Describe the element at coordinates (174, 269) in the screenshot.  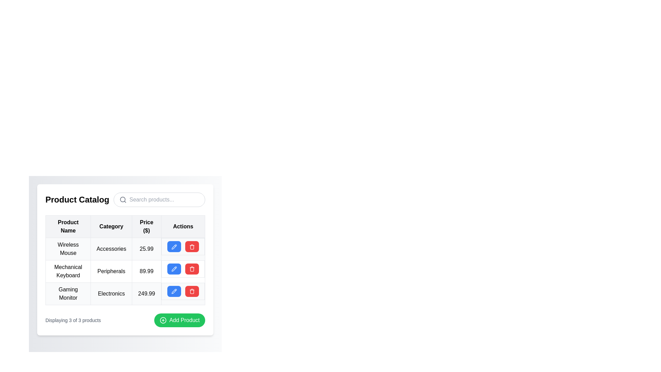
I see `the pencil icon inside the blue rounded button in the 'Actions' column of the Product Catalog table for the 'Mechanical Keyboard' product` at that location.